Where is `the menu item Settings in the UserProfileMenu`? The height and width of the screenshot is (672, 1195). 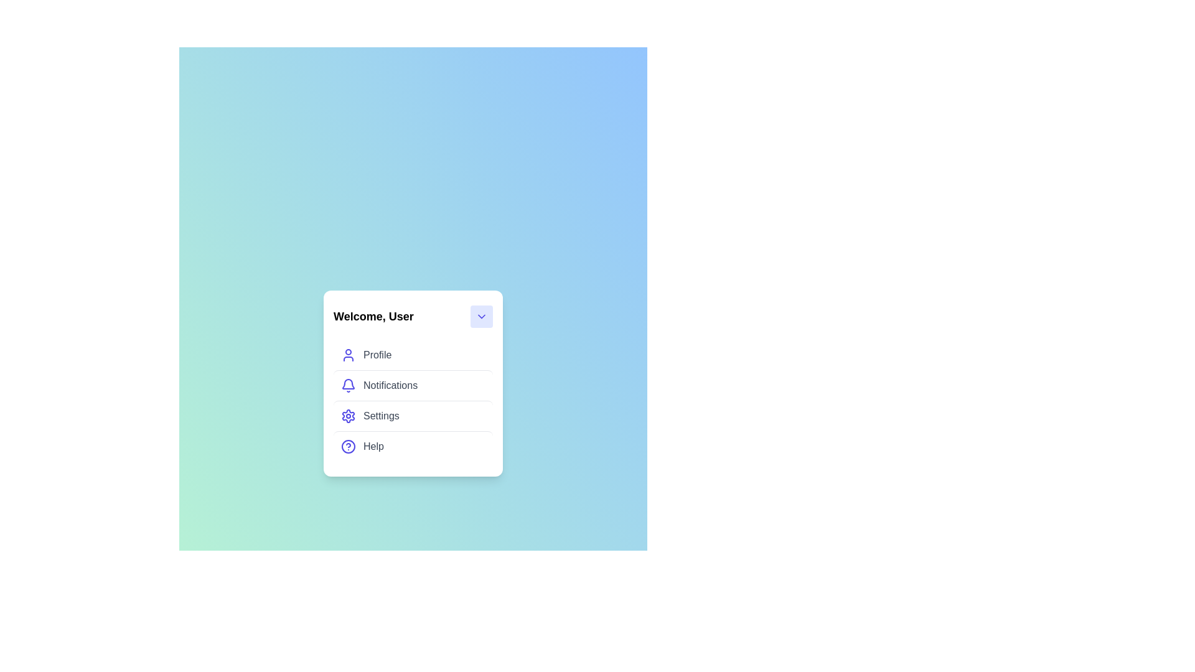
the menu item Settings in the UserProfileMenu is located at coordinates (413, 415).